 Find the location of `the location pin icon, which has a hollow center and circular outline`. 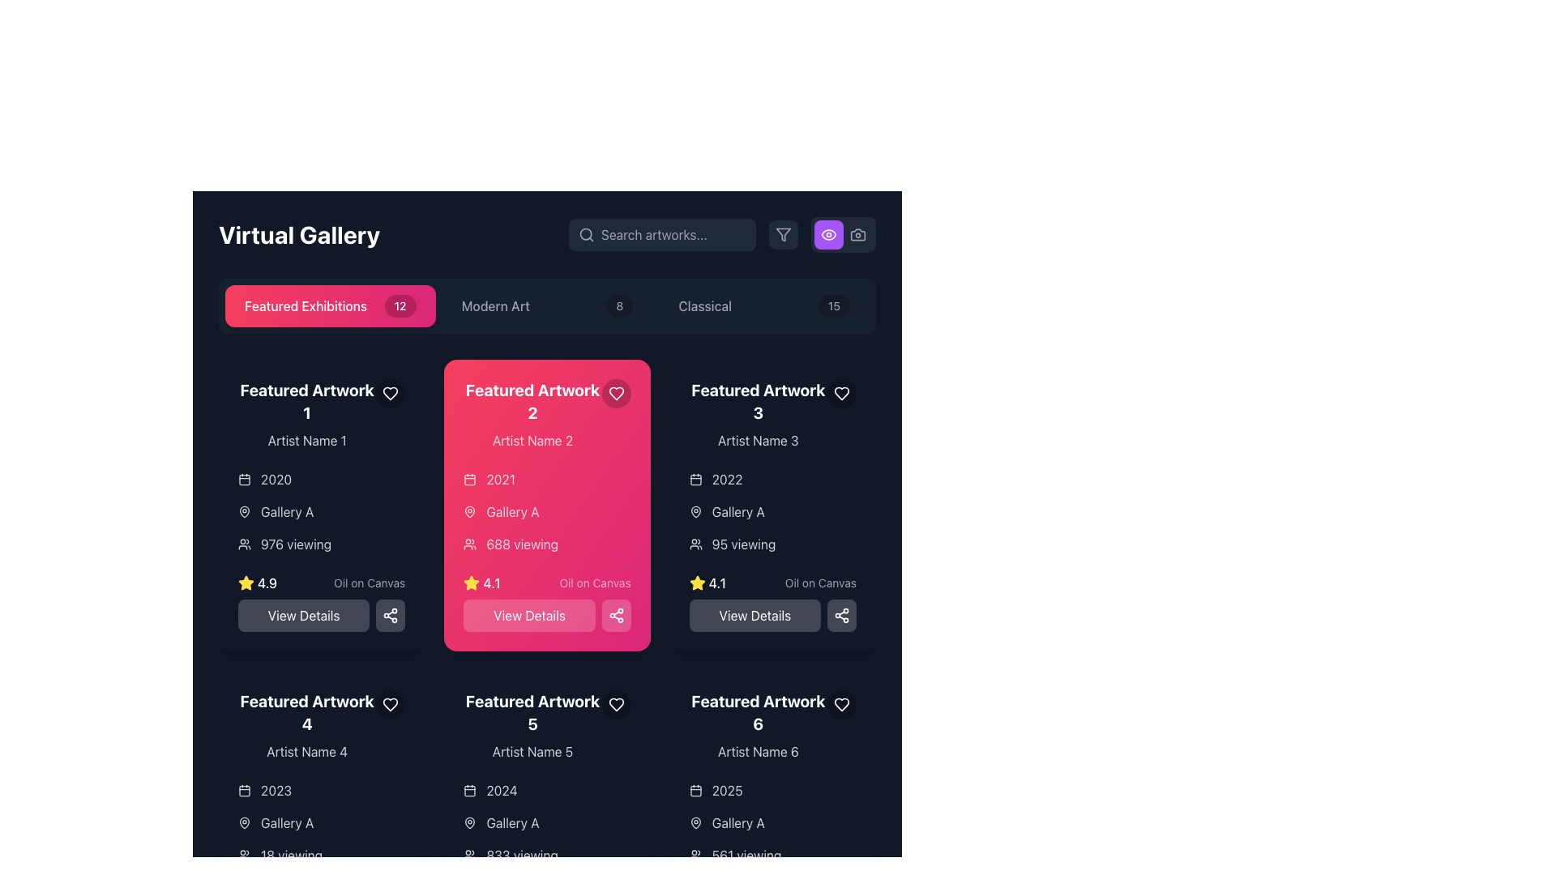

the location pin icon, which has a hollow center and circular outline is located at coordinates (695, 822).